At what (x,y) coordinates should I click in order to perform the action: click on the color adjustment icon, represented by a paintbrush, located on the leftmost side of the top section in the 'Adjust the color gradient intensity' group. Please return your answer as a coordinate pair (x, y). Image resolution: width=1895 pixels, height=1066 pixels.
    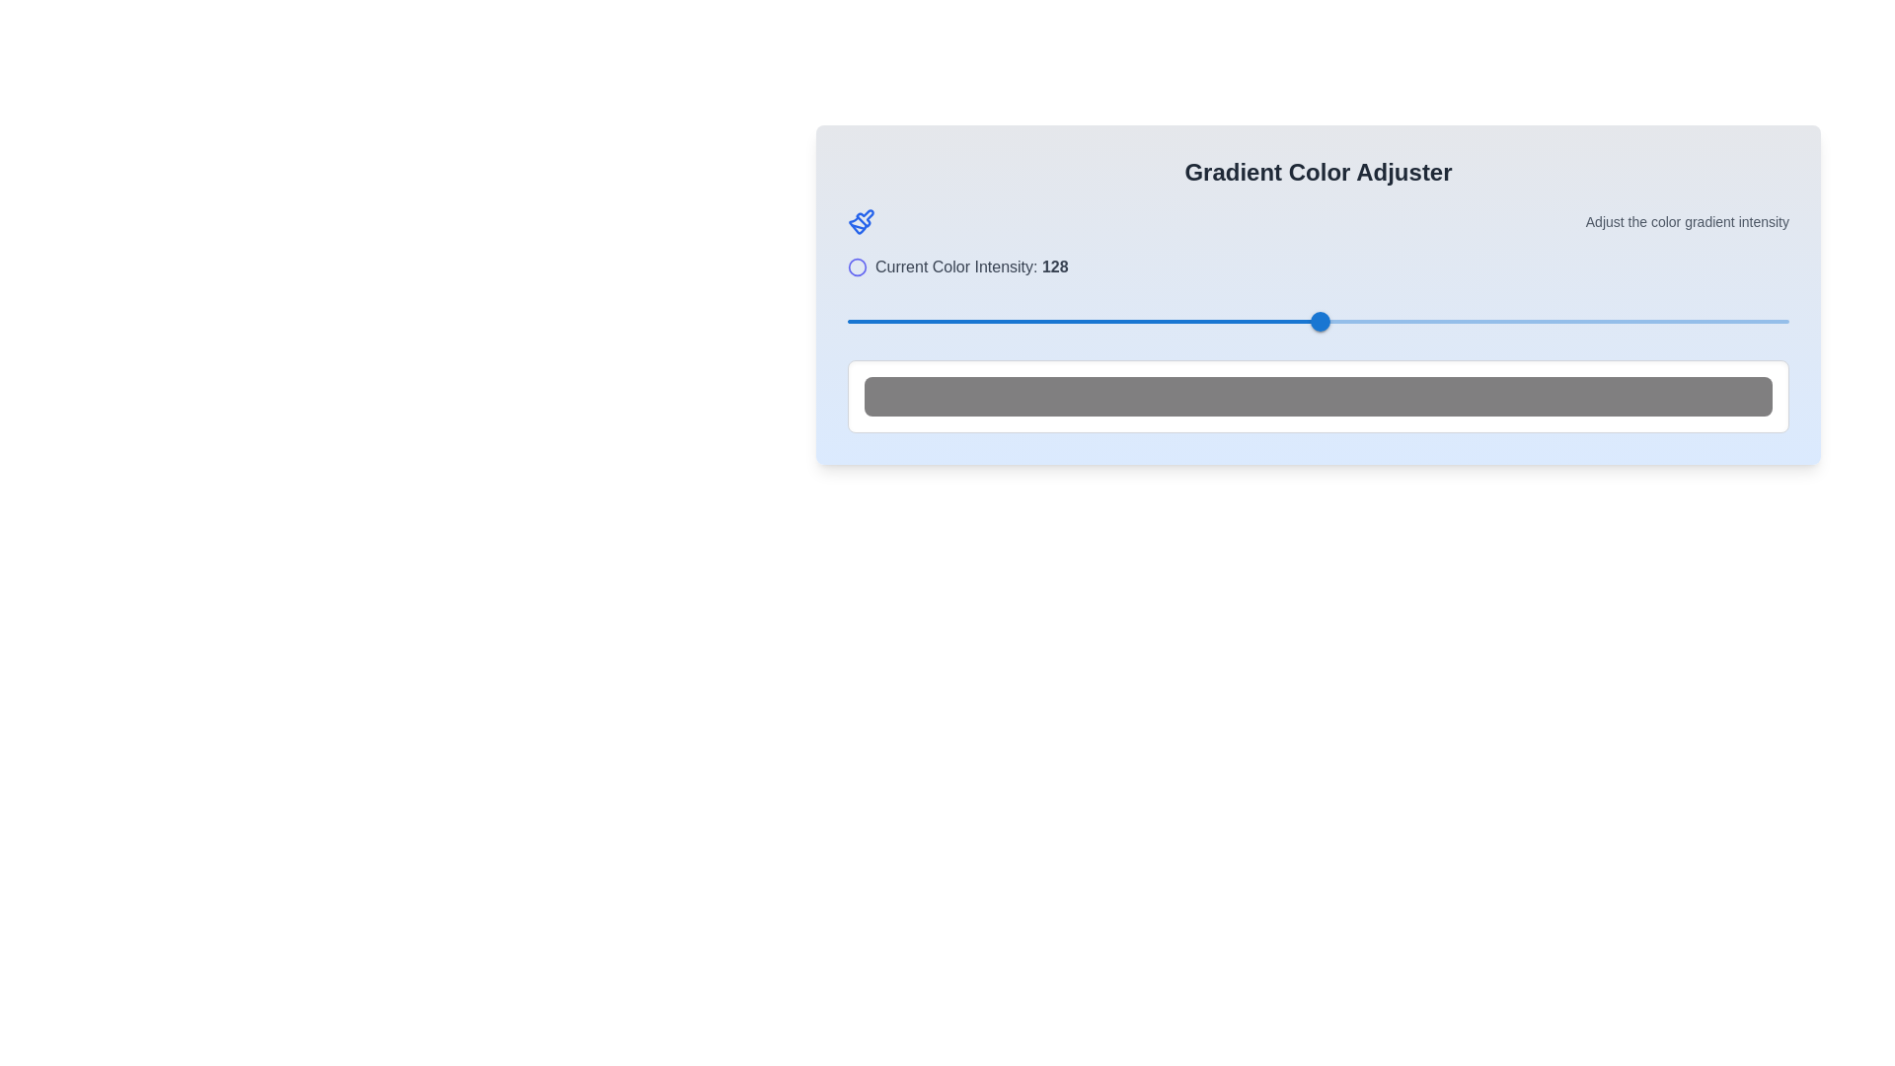
    Looking at the image, I should click on (862, 221).